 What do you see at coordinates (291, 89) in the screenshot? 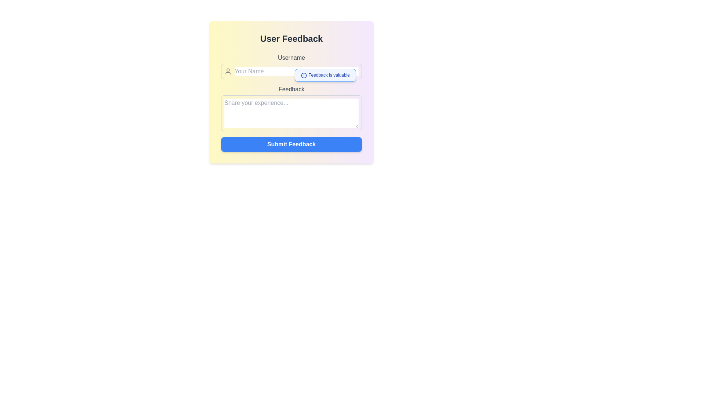
I see `the 'Feedback' text label, which is styled in muted gray and positioned above the multi-line text box for user input` at bounding box center [291, 89].